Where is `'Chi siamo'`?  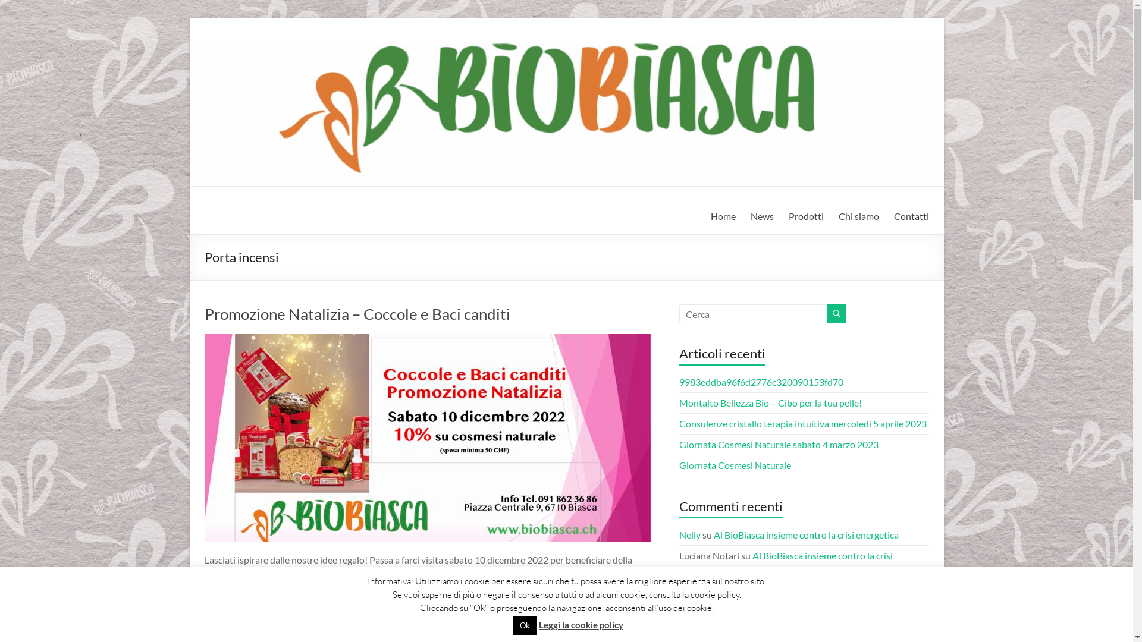 'Chi siamo' is located at coordinates (859, 216).